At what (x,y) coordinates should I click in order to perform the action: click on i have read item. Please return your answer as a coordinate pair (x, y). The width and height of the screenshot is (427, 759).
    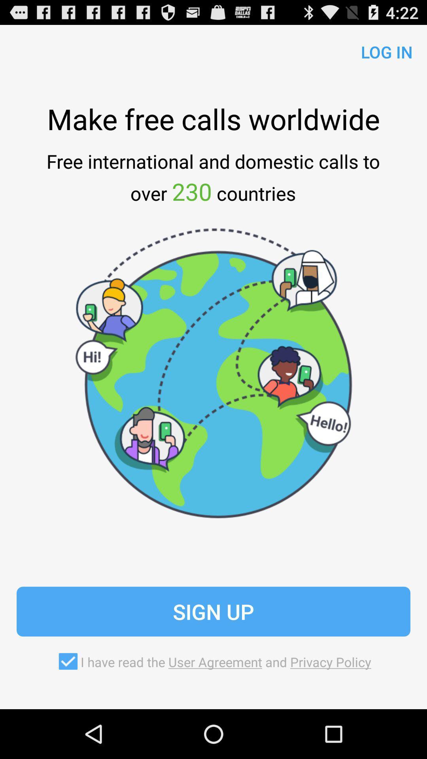
    Looking at the image, I should click on (213, 661).